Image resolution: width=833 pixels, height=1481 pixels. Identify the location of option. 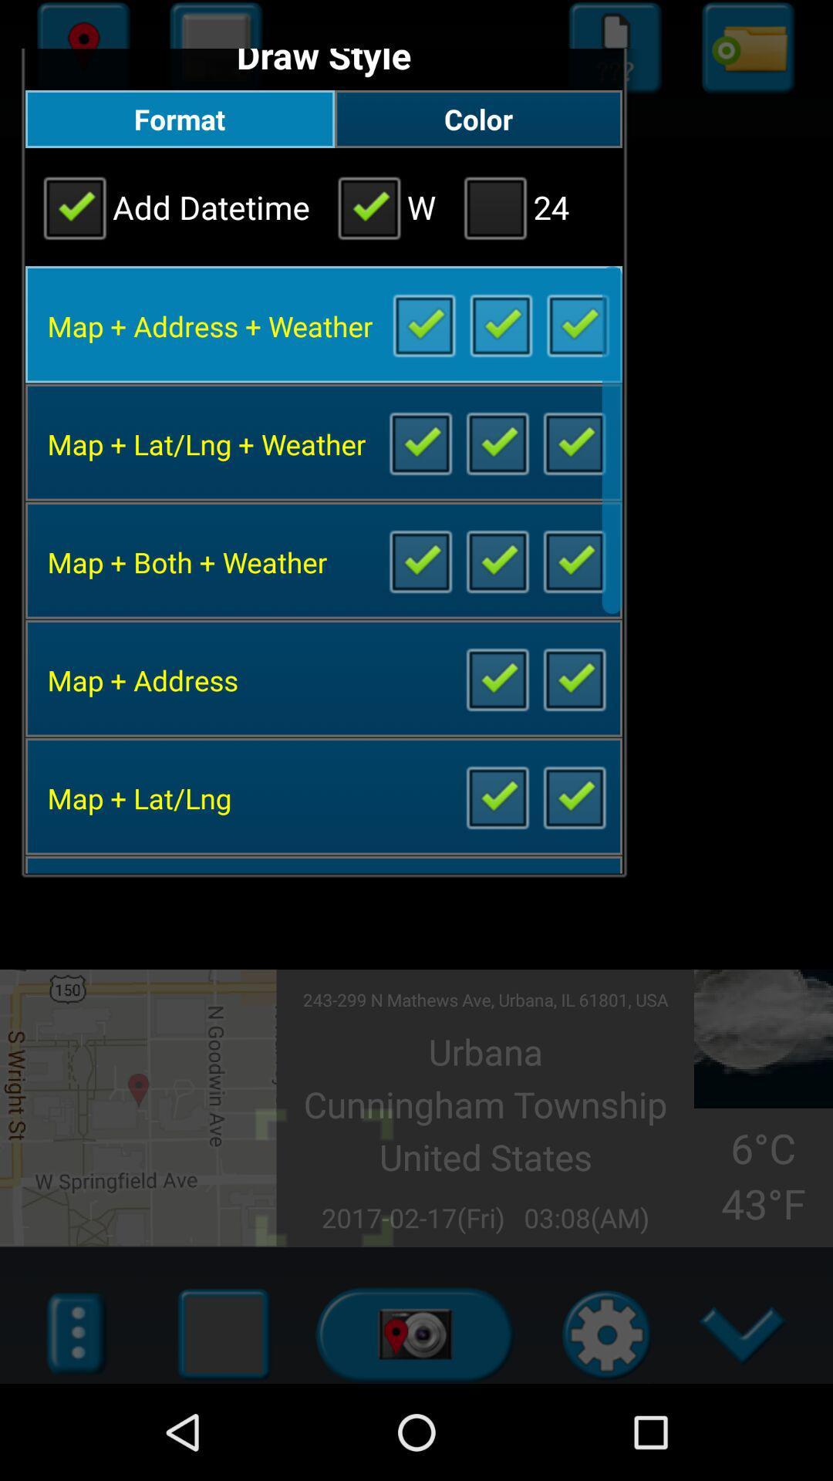
(574, 559).